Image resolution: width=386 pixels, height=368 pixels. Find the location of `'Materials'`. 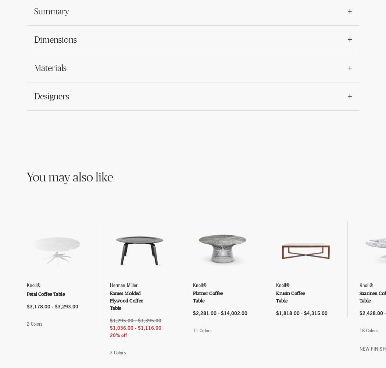

'Materials' is located at coordinates (49, 68).